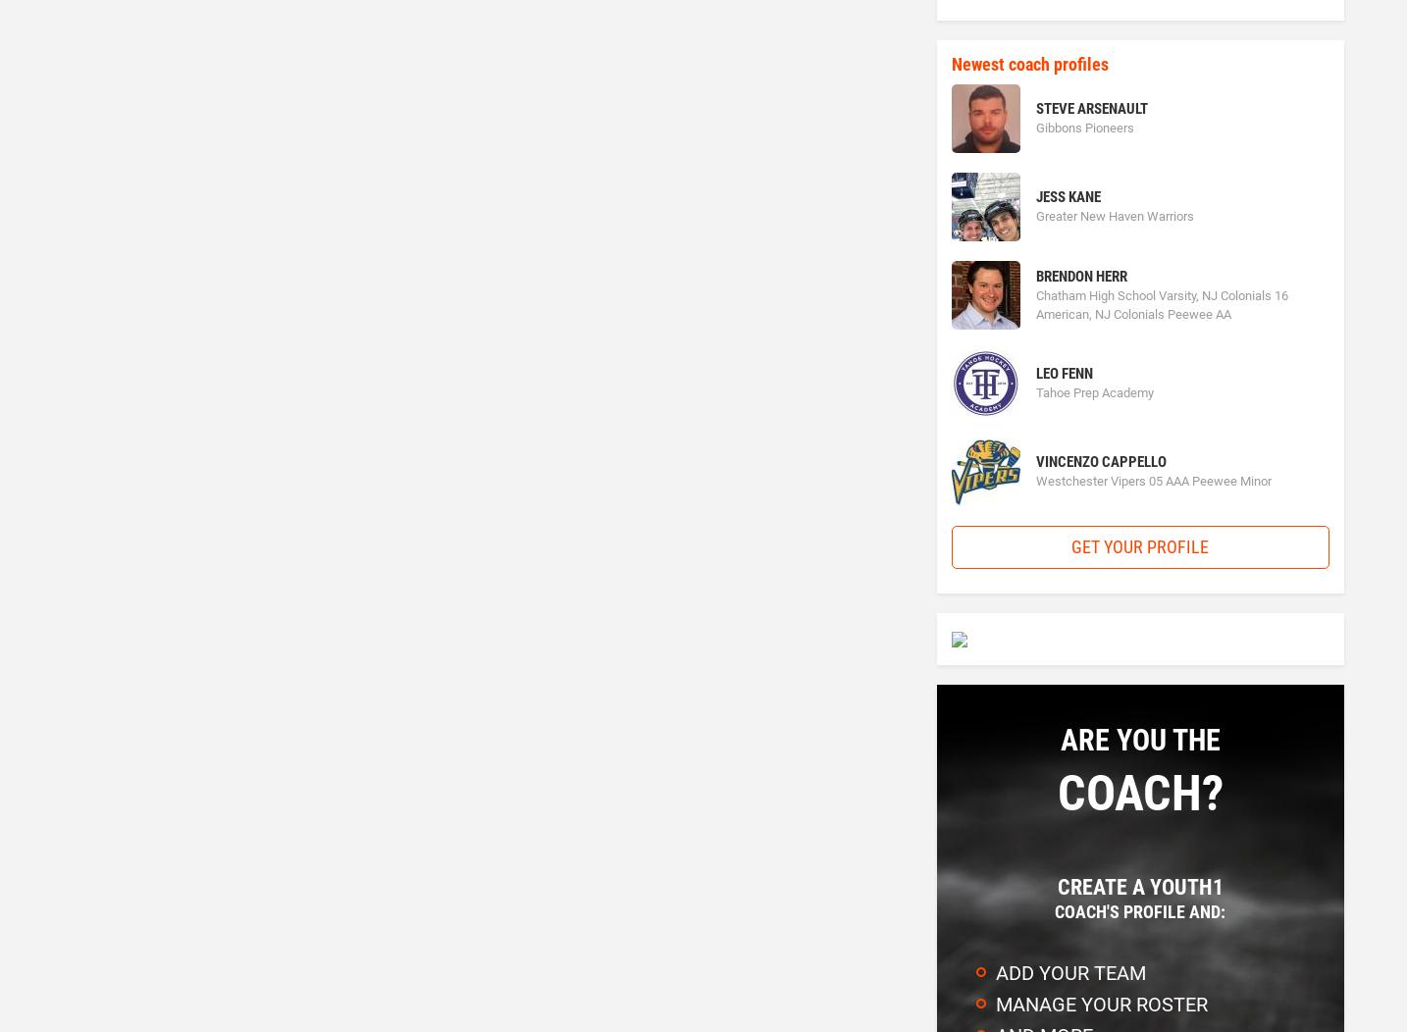 The width and height of the screenshot is (1407, 1032). I want to click on 'Manage your roster', so click(1100, 1004).